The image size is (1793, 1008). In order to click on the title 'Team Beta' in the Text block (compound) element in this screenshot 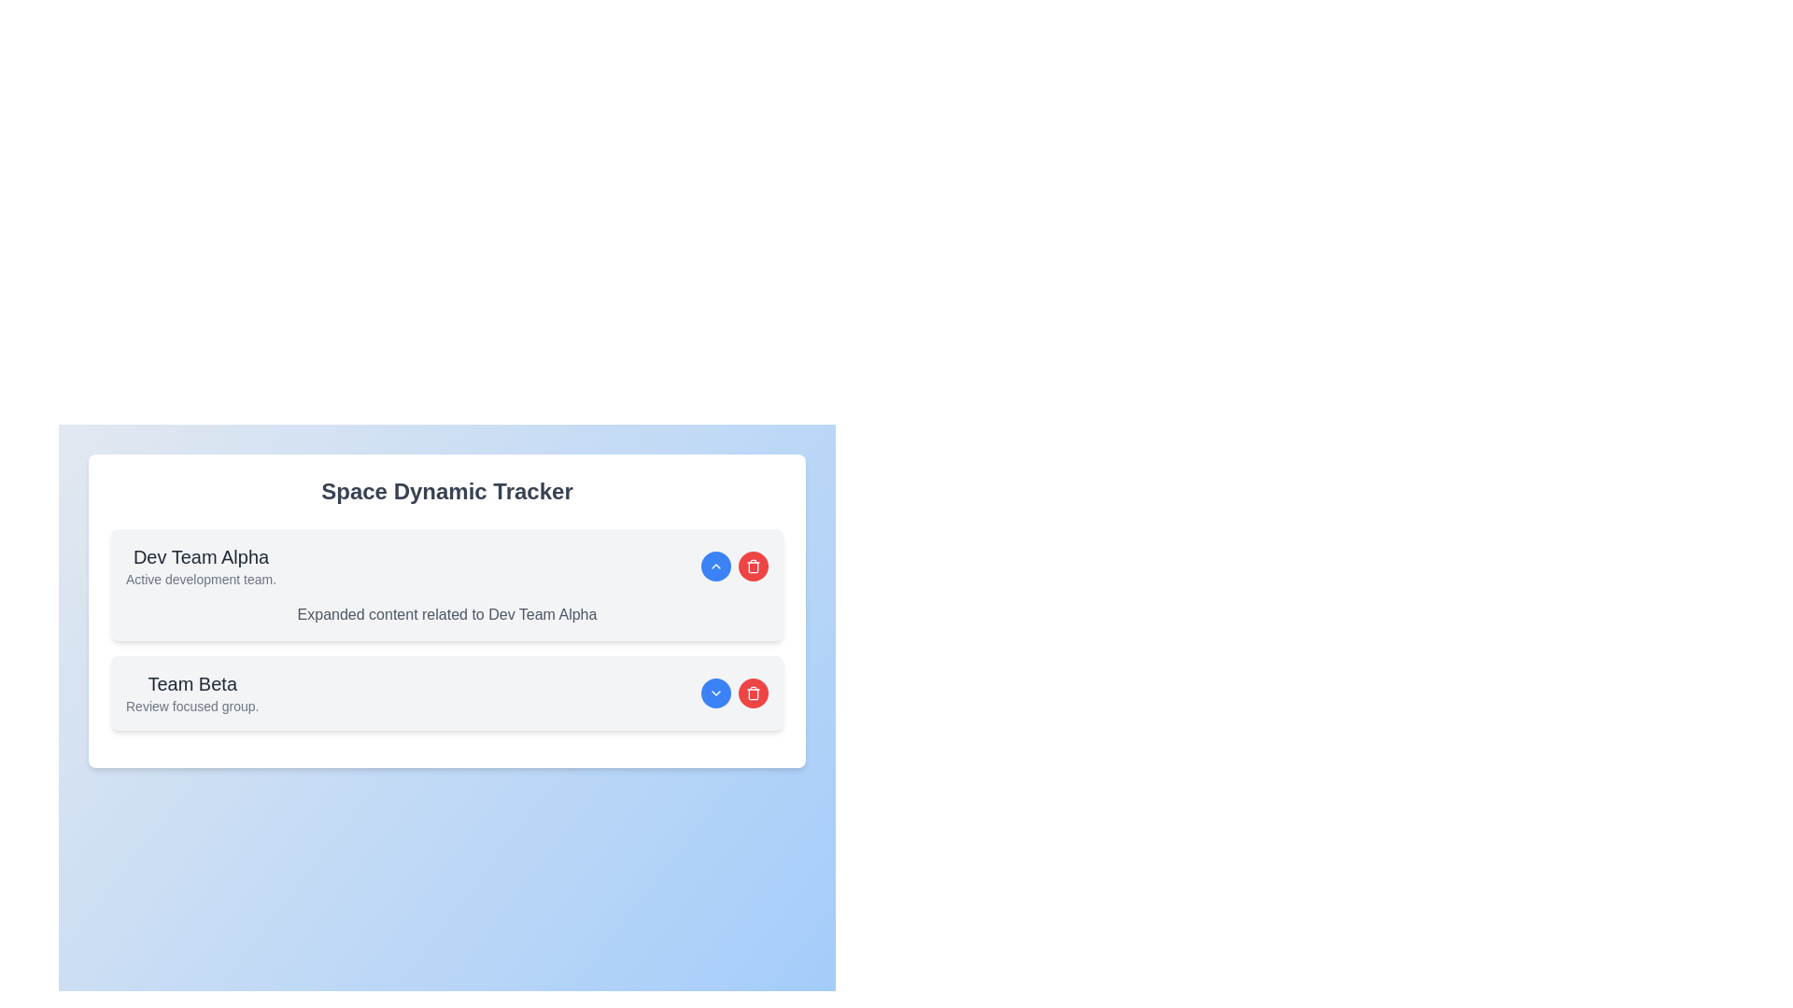, I will do `click(192, 693)`.